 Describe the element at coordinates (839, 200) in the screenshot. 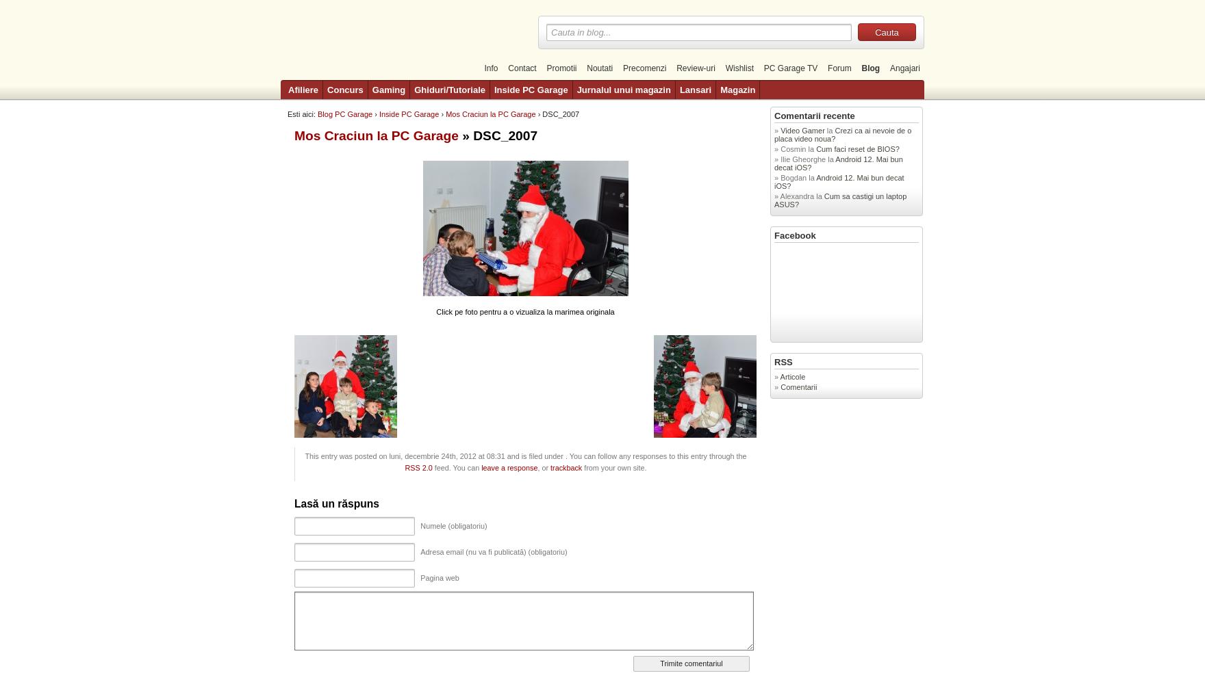

I see `'Cum sa castigi un laptop ASUS?'` at that location.